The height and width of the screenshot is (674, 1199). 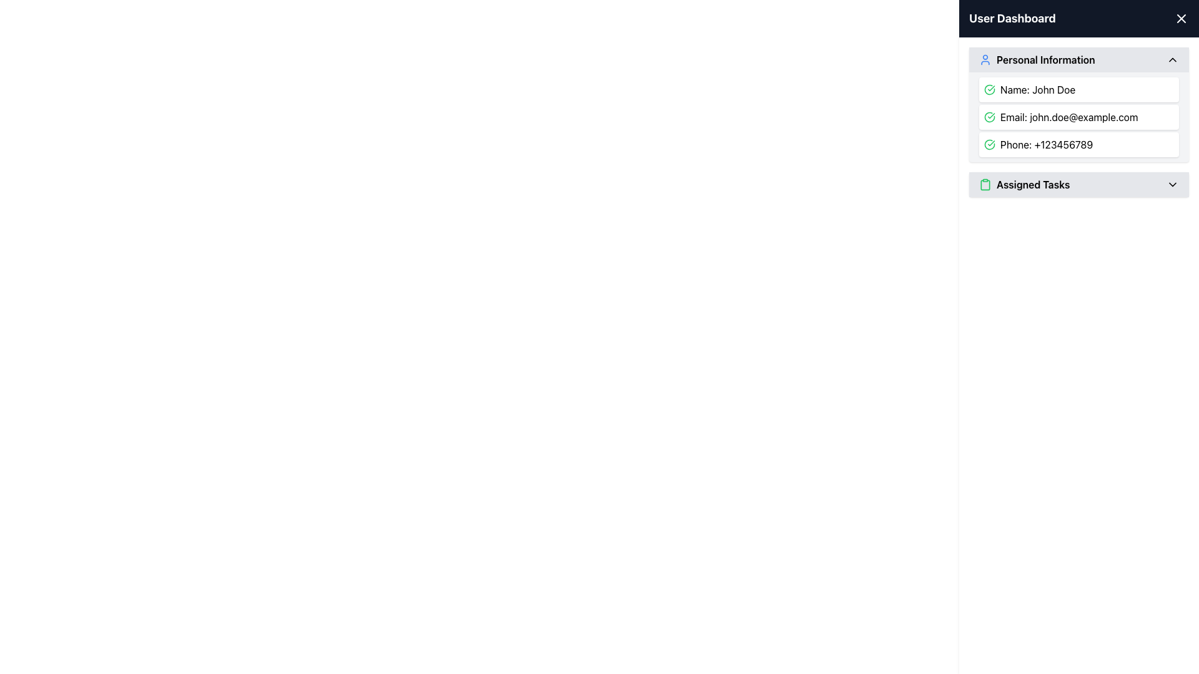 I want to click on the verification icon that indicates the associated email is verified, located before the text 'Email: john.doe@example.com' in the Personal Information section of the user dashboard, so click(x=989, y=117).